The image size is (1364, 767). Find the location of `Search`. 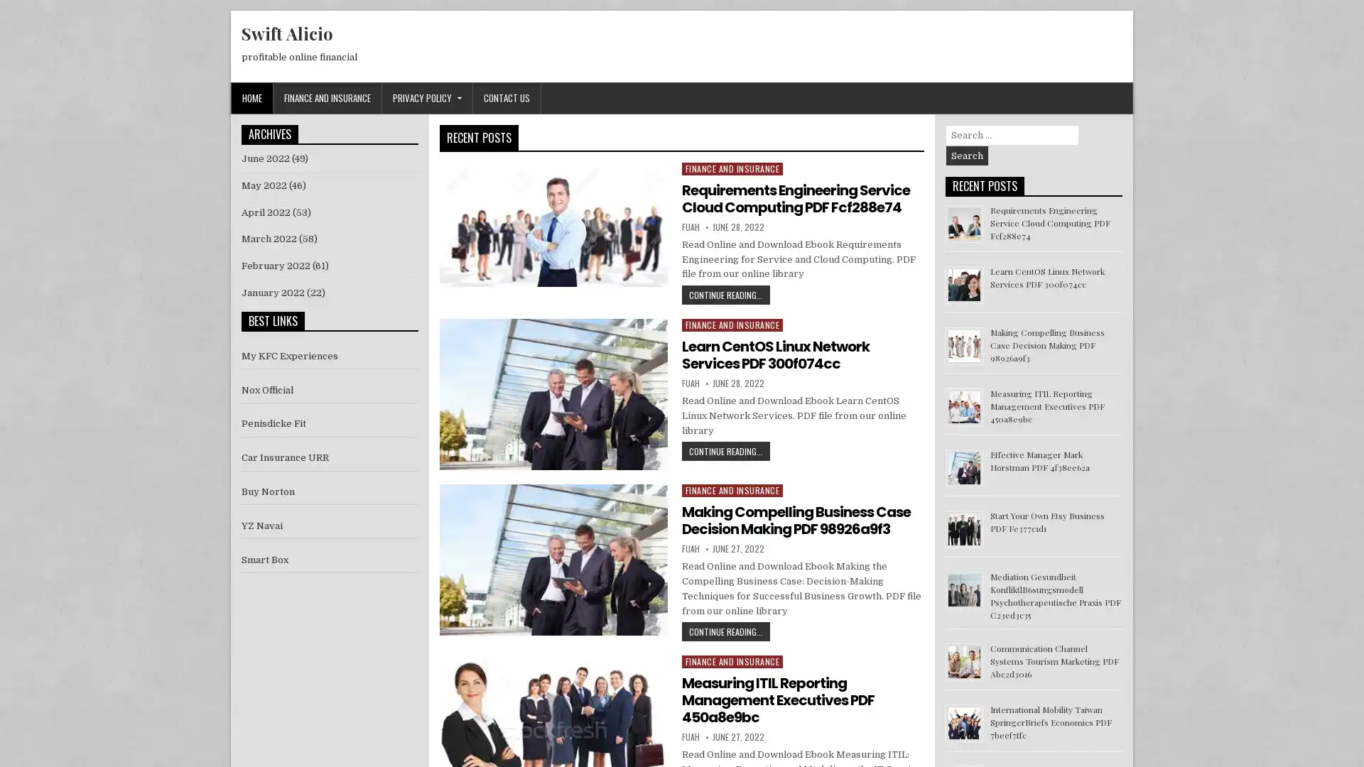

Search is located at coordinates (966, 156).